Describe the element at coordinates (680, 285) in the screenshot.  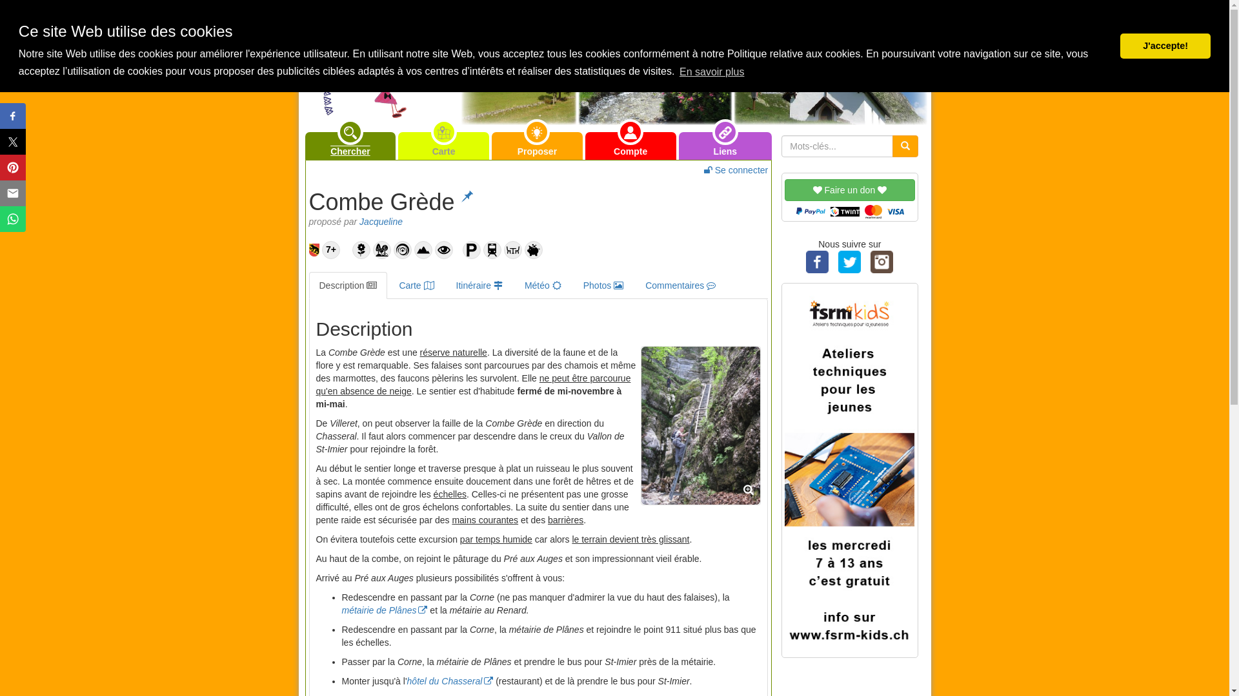
I see `'Commentaires'` at that location.